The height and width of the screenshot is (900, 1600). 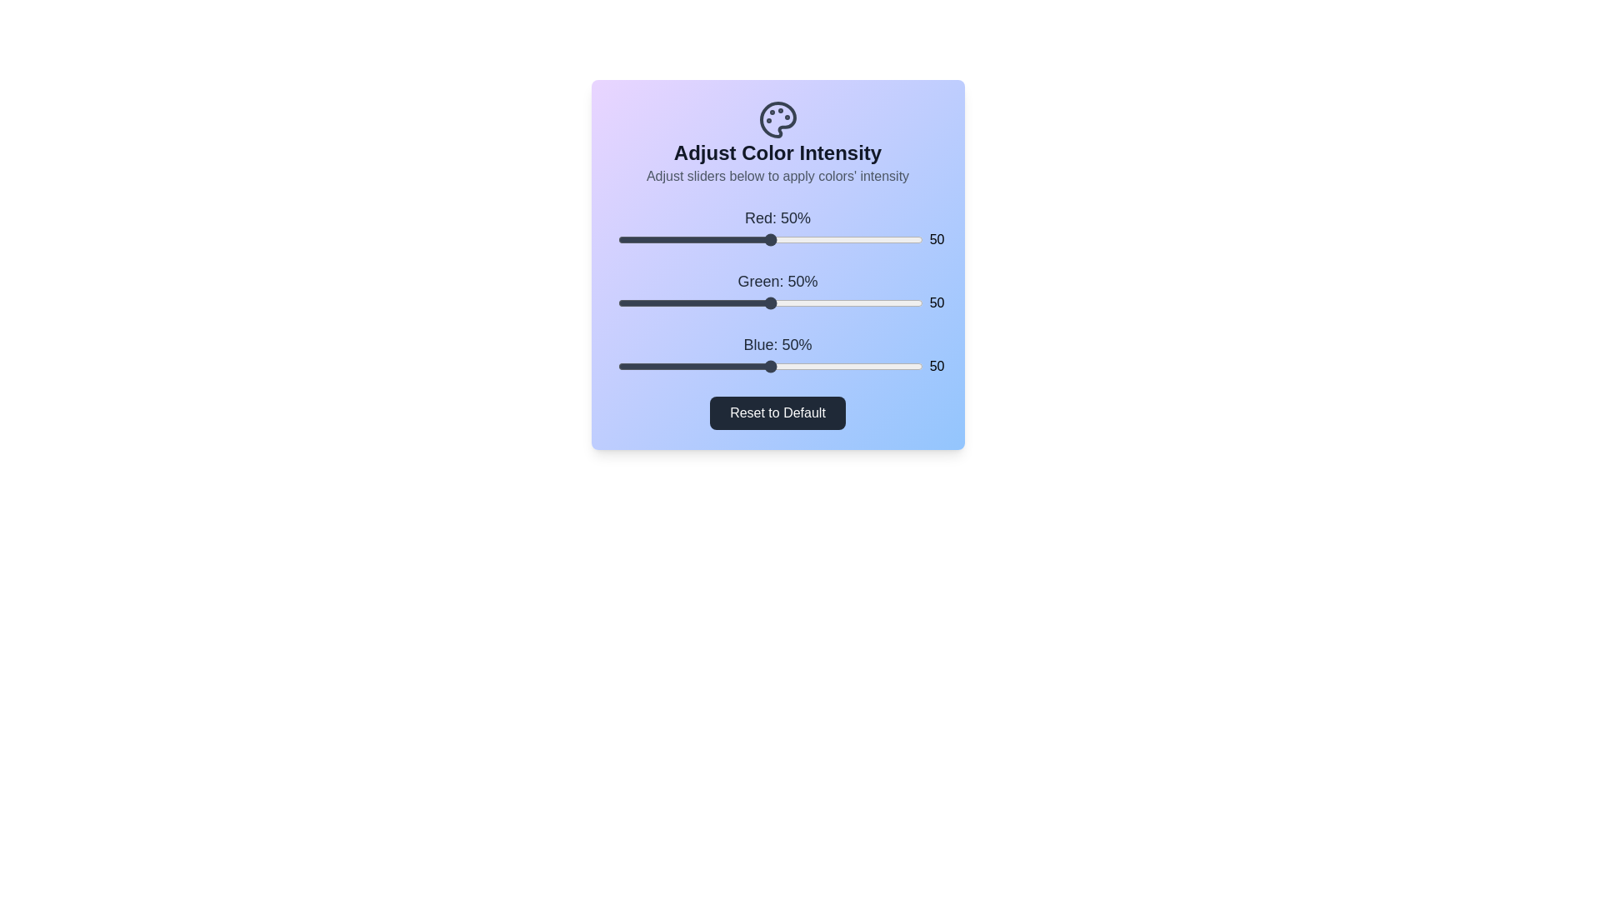 What do you see at coordinates (676, 302) in the screenshot?
I see `the 1 slider to 19%` at bounding box center [676, 302].